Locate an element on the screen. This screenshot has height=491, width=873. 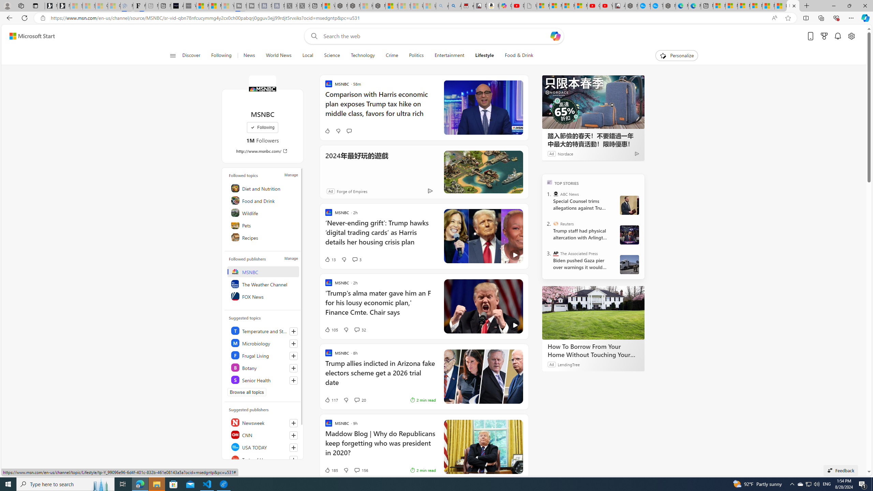
'View comments 156 Comment' is located at coordinates (360, 470).